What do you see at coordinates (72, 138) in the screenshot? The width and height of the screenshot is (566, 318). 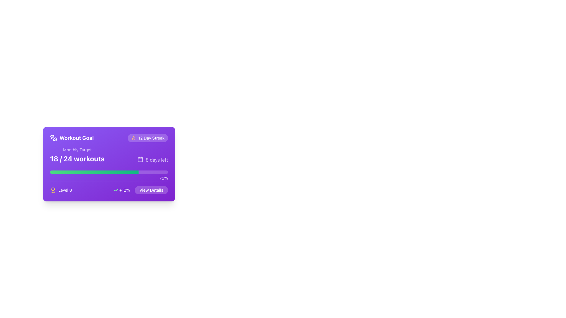 I see `the 'Workout Goal' text element with a dumbbell icon for accessibility` at bounding box center [72, 138].